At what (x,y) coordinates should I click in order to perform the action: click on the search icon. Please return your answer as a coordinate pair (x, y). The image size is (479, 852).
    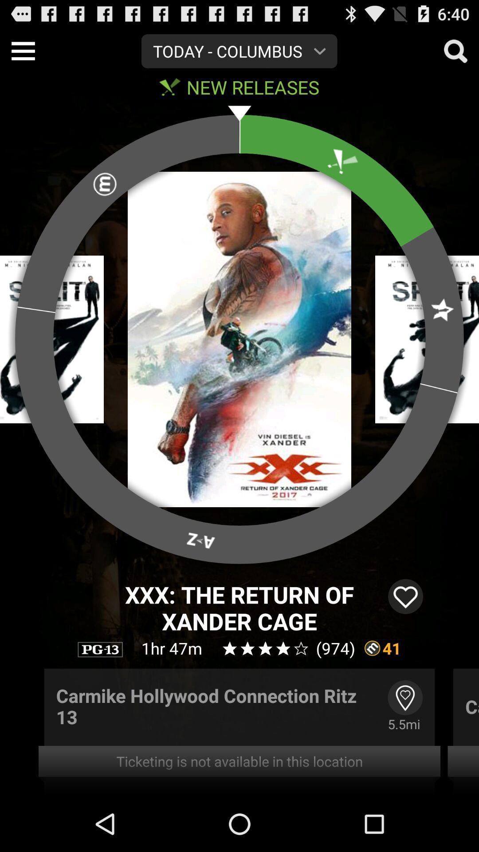
    Looking at the image, I should click on (455, 54).